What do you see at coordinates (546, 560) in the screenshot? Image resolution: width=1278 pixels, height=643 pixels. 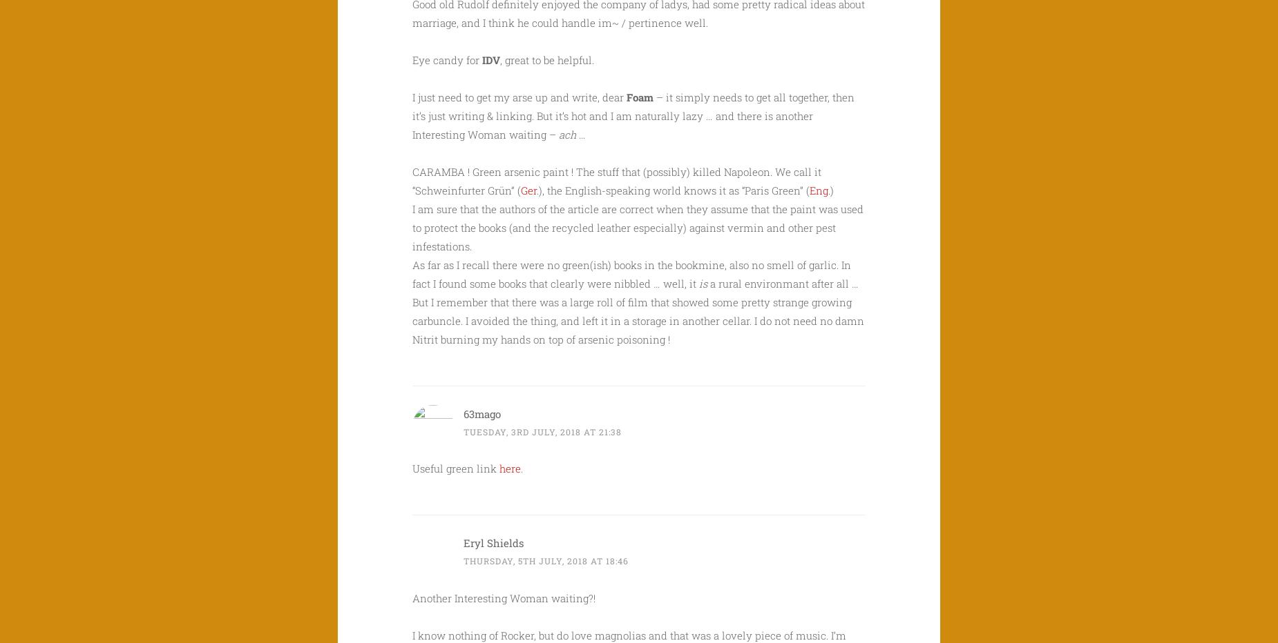 I see `'Thursday, 5th July, 2018 at 18:46'` at bounding box center [546, 560].